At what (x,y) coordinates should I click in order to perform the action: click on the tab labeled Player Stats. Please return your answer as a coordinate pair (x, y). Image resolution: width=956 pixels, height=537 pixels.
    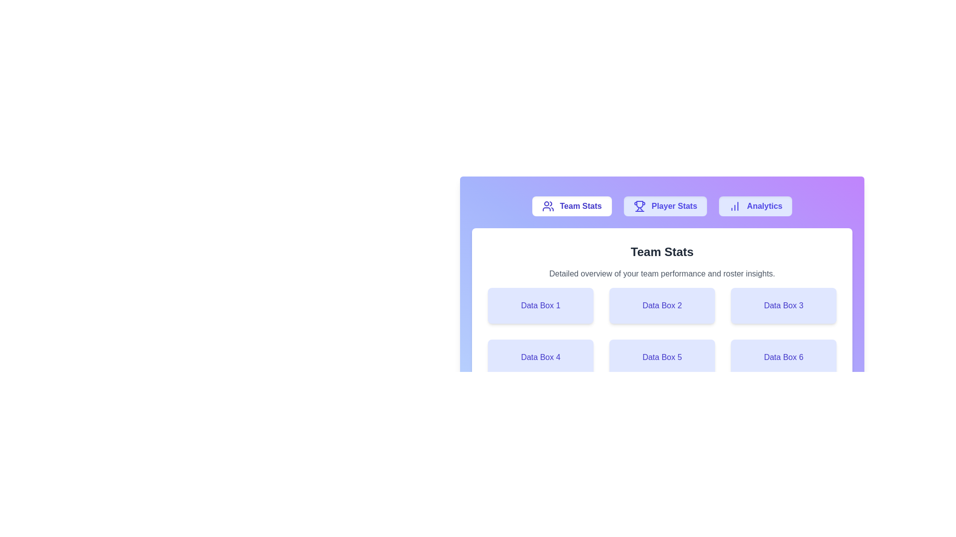
    Looking at the image, I should click on (665, 206).